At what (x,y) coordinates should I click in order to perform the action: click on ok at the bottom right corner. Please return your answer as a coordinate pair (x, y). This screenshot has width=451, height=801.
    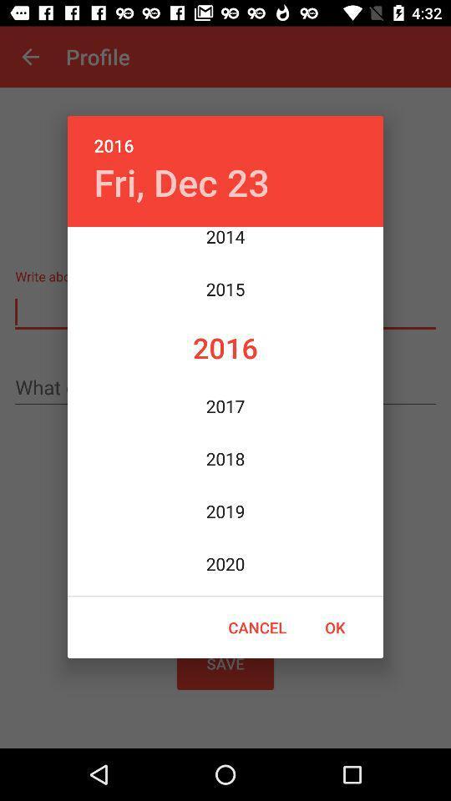
    Looking at the image, I should click on (335, 627).